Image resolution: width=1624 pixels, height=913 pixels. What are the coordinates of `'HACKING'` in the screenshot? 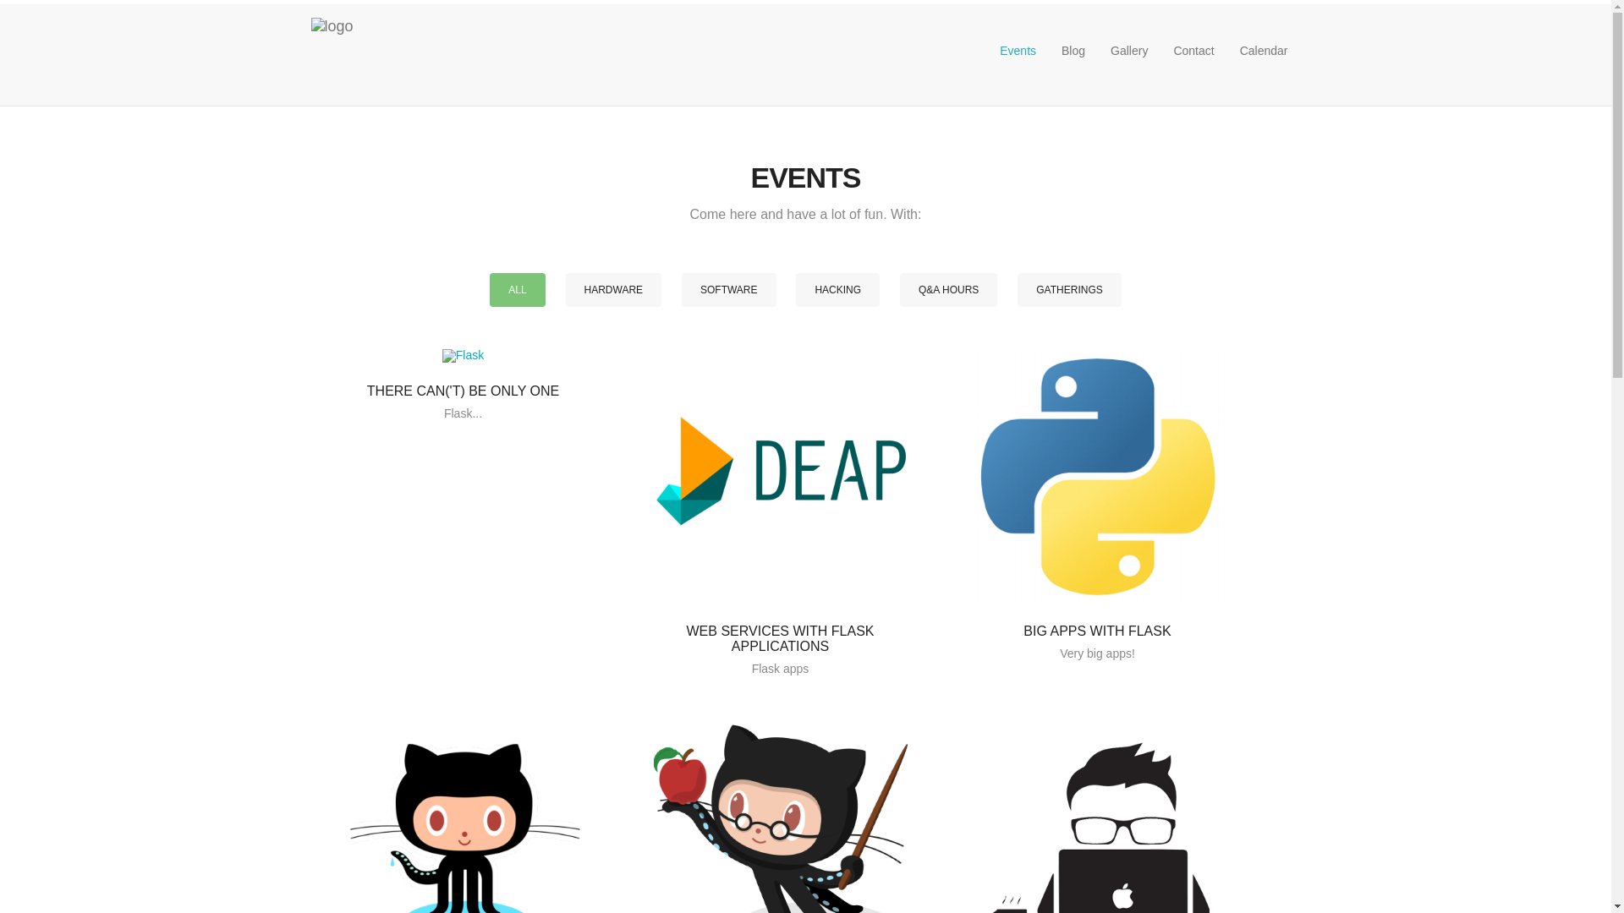 It's located at (794, 289).